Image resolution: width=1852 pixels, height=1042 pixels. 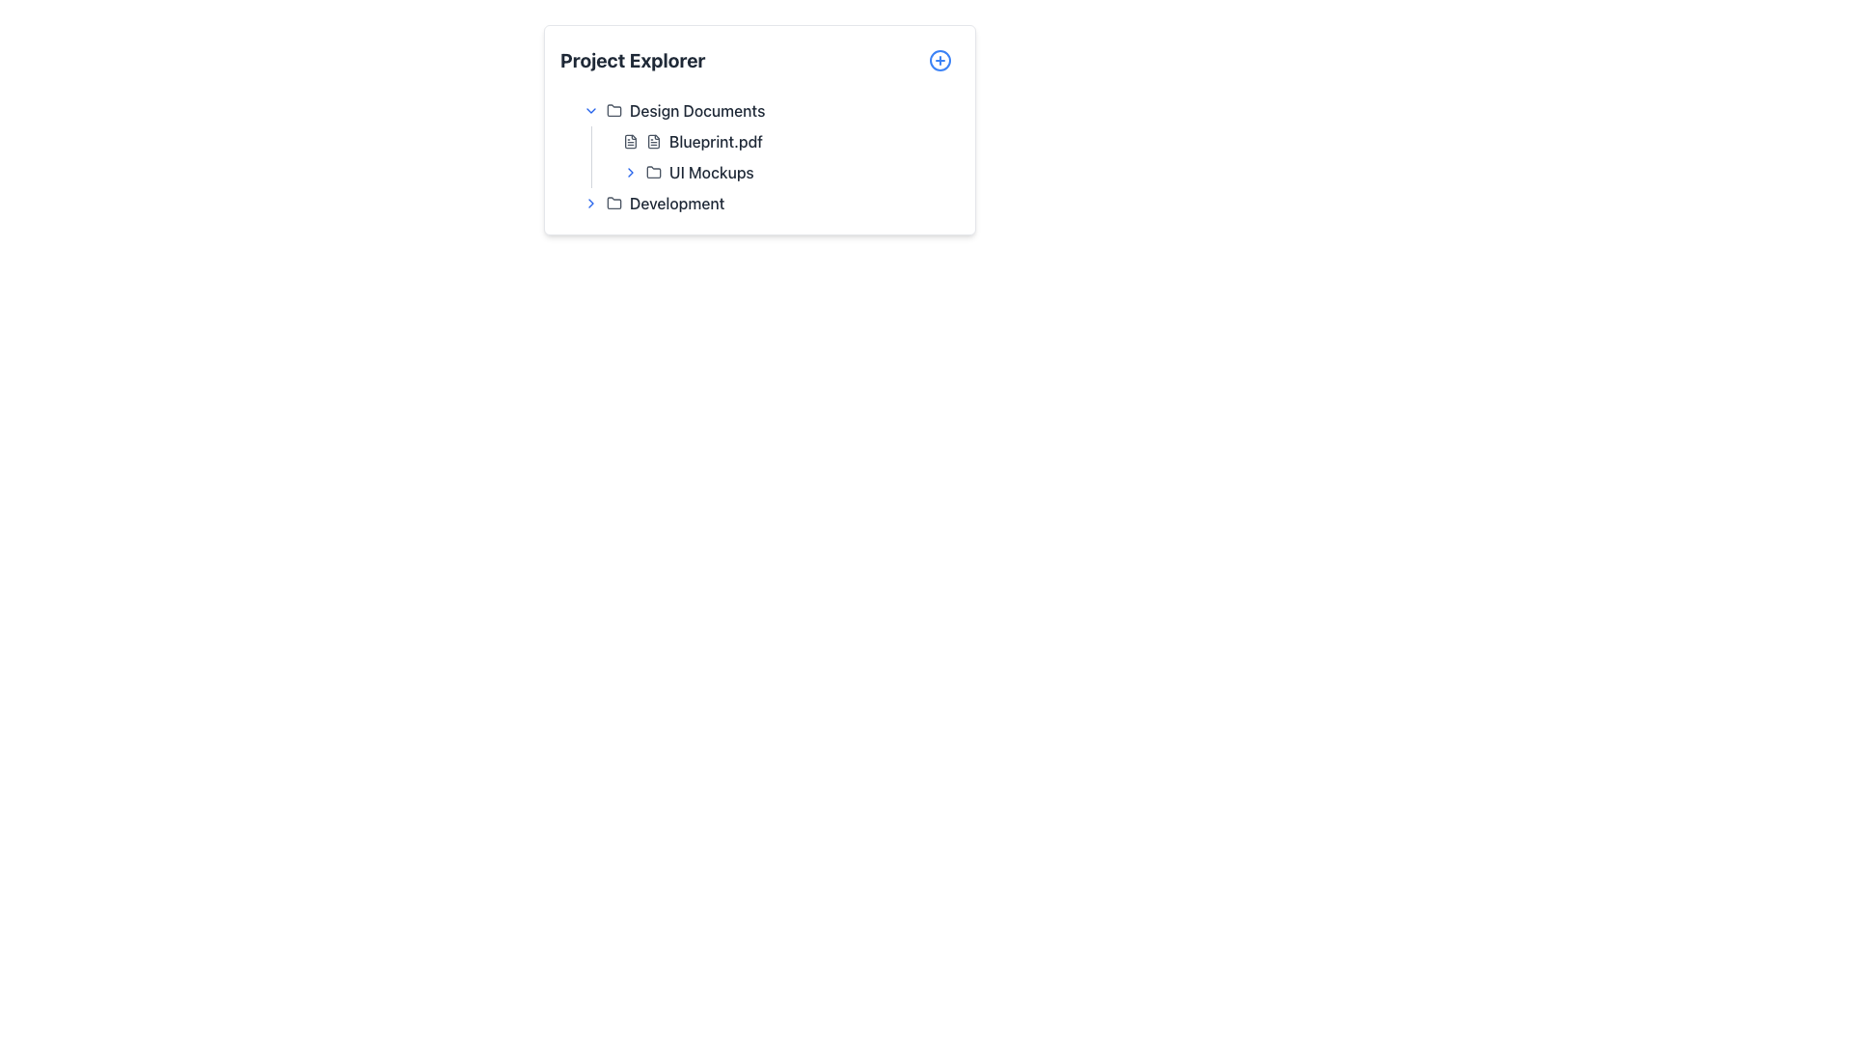 I want to click on to select the file item labeled 'Blueprint.pdf' in the tree view structure under 'Design Documents', so click(x=787, y=140).